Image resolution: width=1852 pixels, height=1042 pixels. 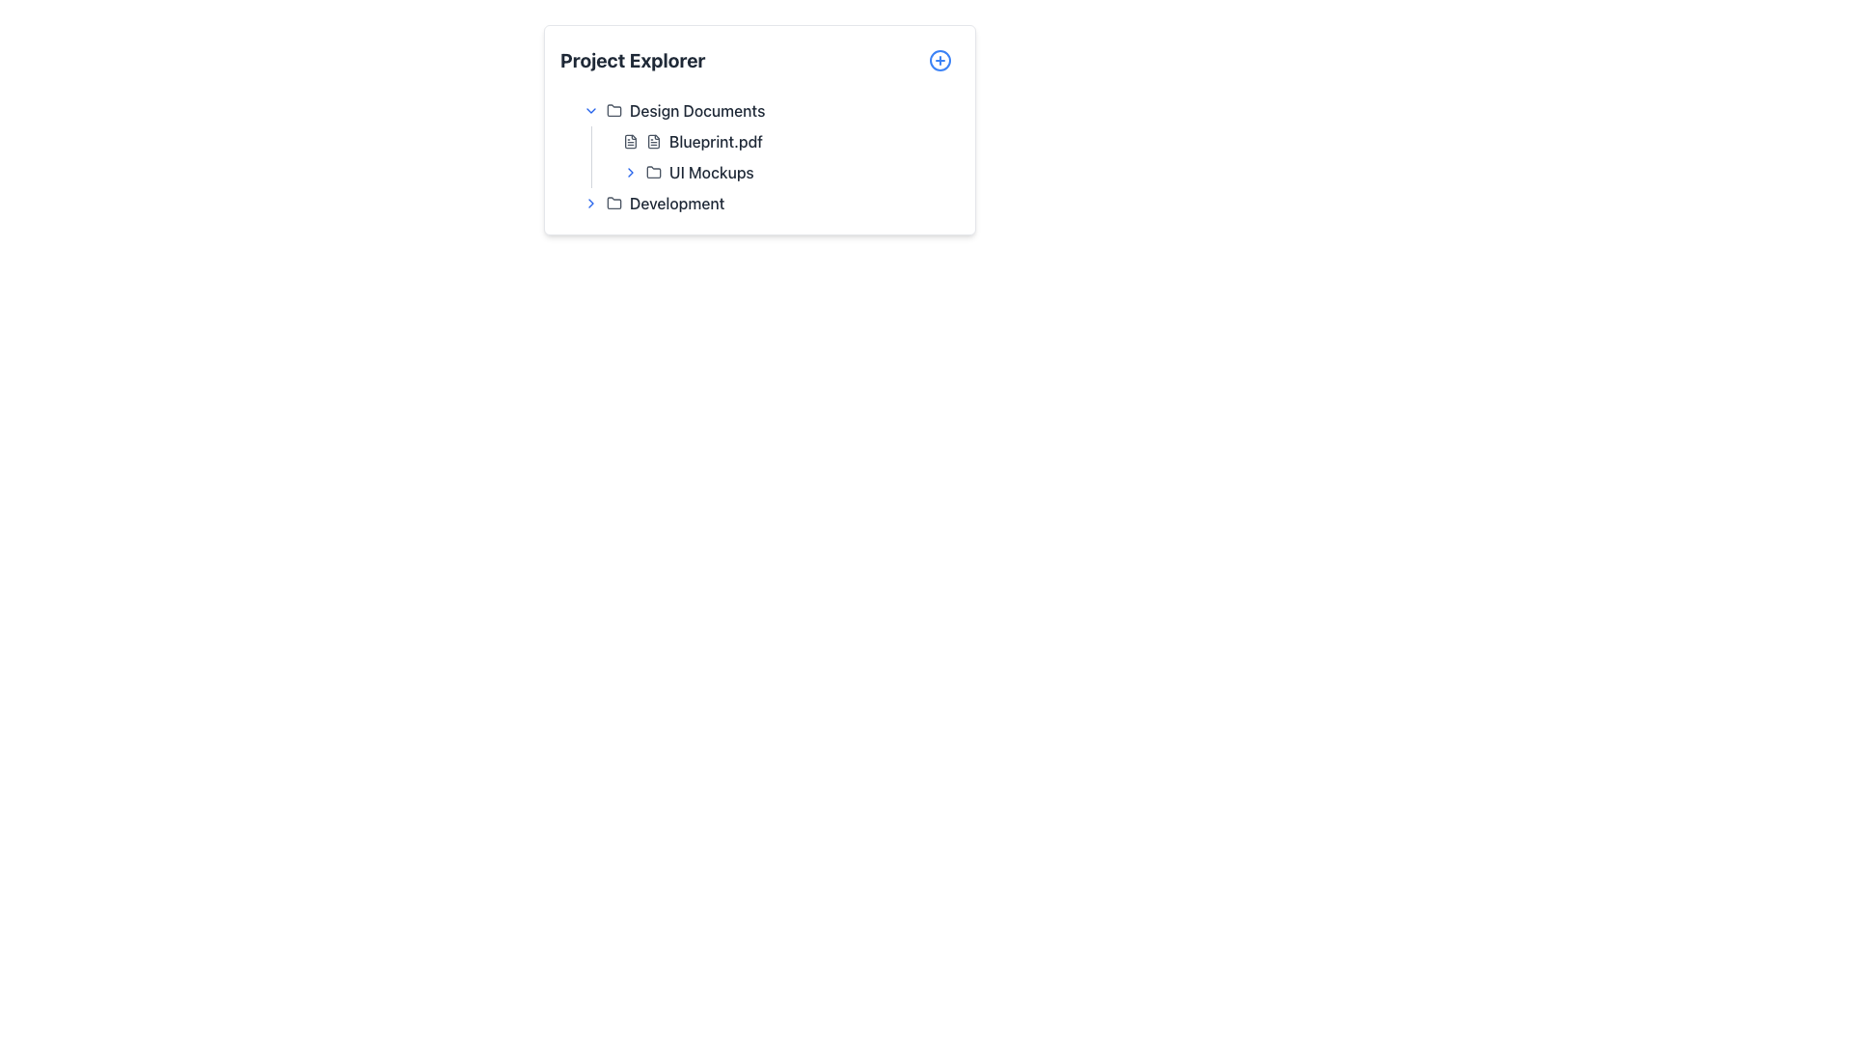 I want to click on to select the file item labeled 'Blueprint.pdf' in the tree view structure under 'Design Documents', so click(x=787, y=140).